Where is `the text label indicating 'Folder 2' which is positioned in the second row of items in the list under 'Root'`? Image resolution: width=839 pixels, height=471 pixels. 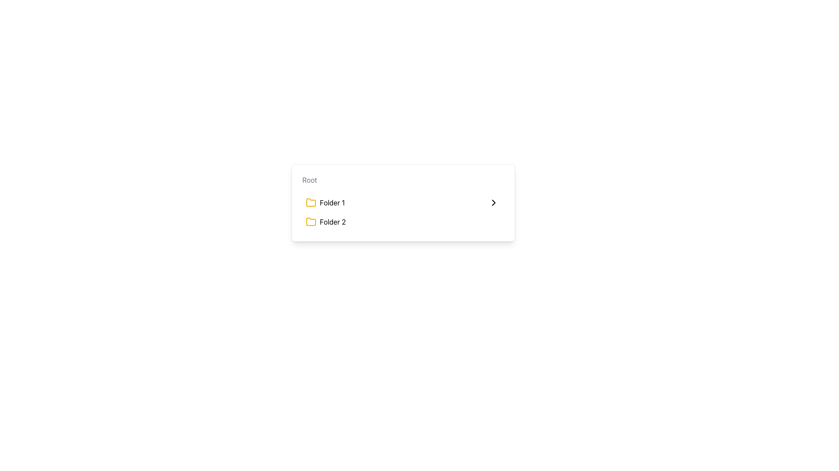 the text label indicating 'Folder 2' which is positioned in the second row of items in the list under 'Root' is located at coordinates (332, 222).